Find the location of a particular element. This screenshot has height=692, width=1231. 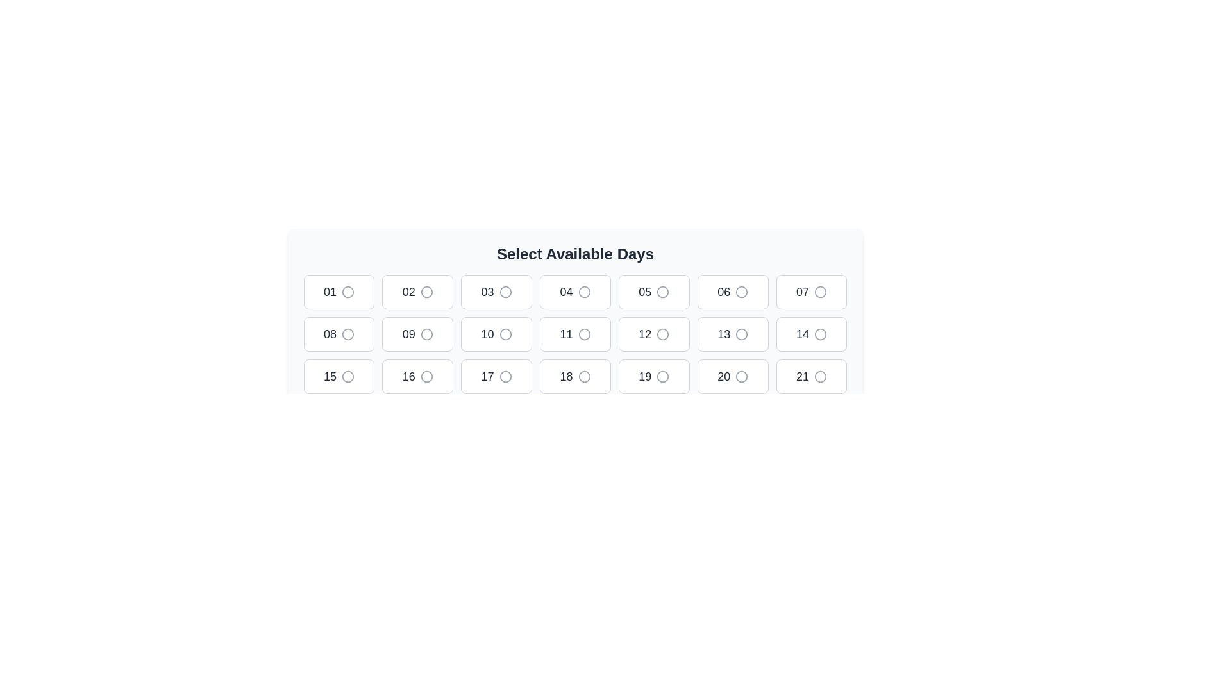

the Text Label representing the day labeled '05' within the 'Select Available Days' section is located at coordinates (645, 292).